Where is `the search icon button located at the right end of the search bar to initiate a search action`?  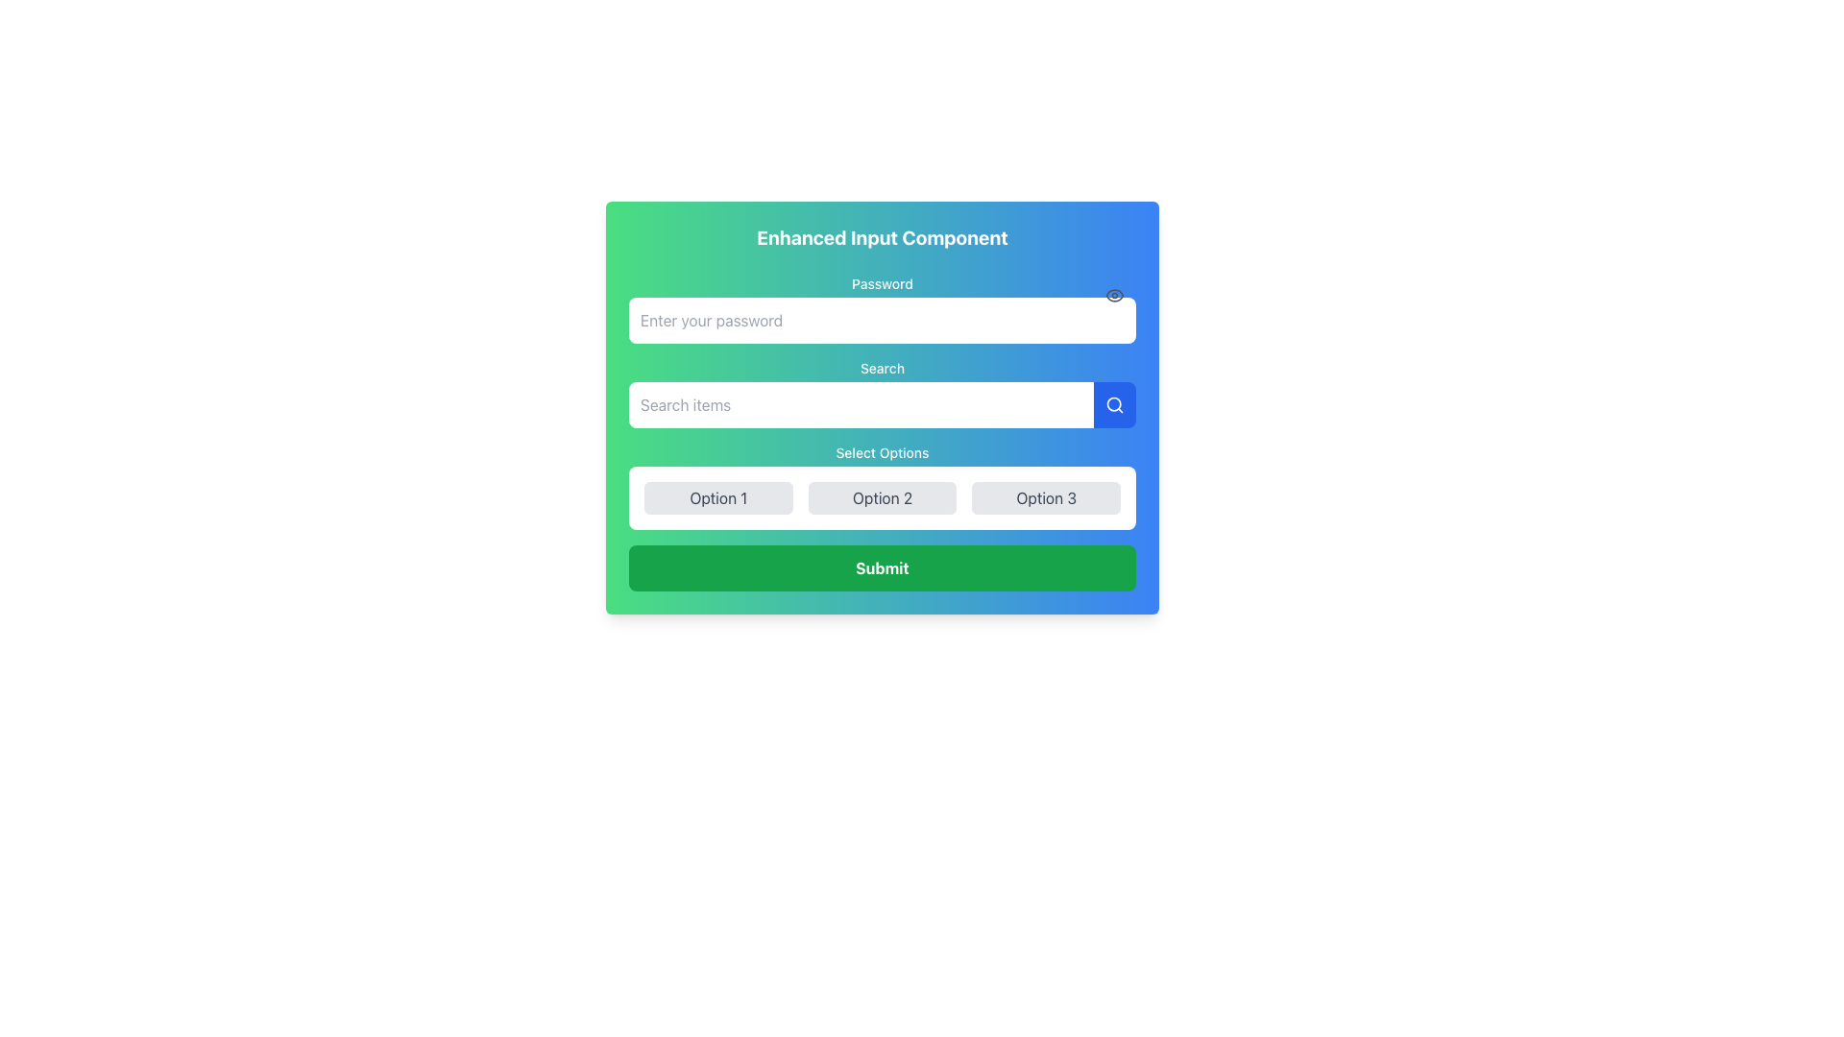
the search icon button located at the right end of the search bar to initiate a search action is located at coordinates (1115, 403).